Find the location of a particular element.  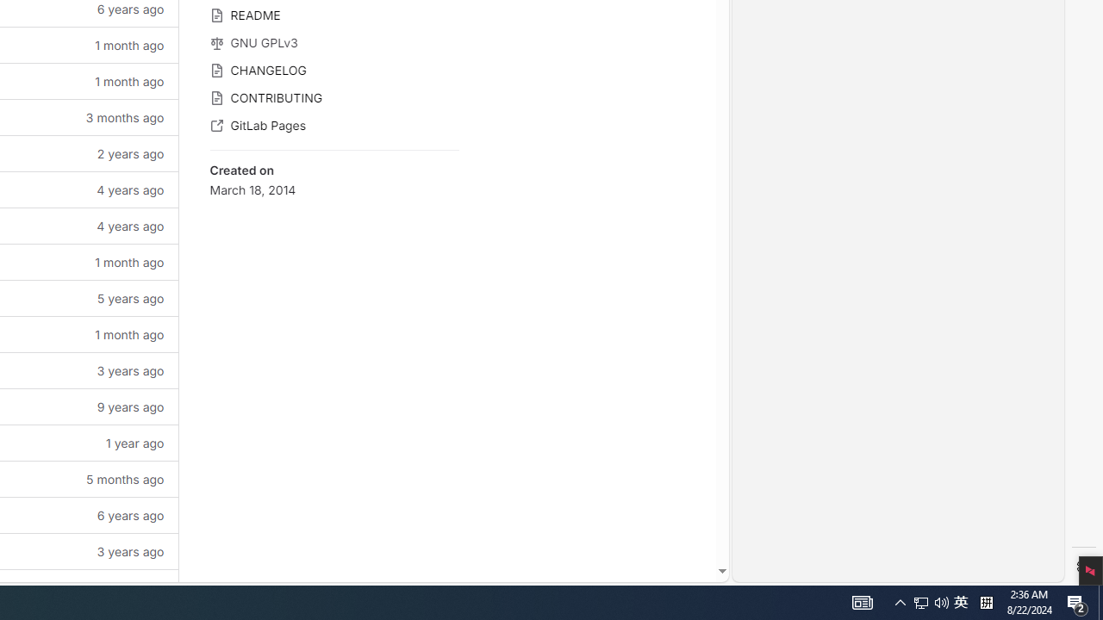

'GitLab Pages' is located at coordinates (333, 123).